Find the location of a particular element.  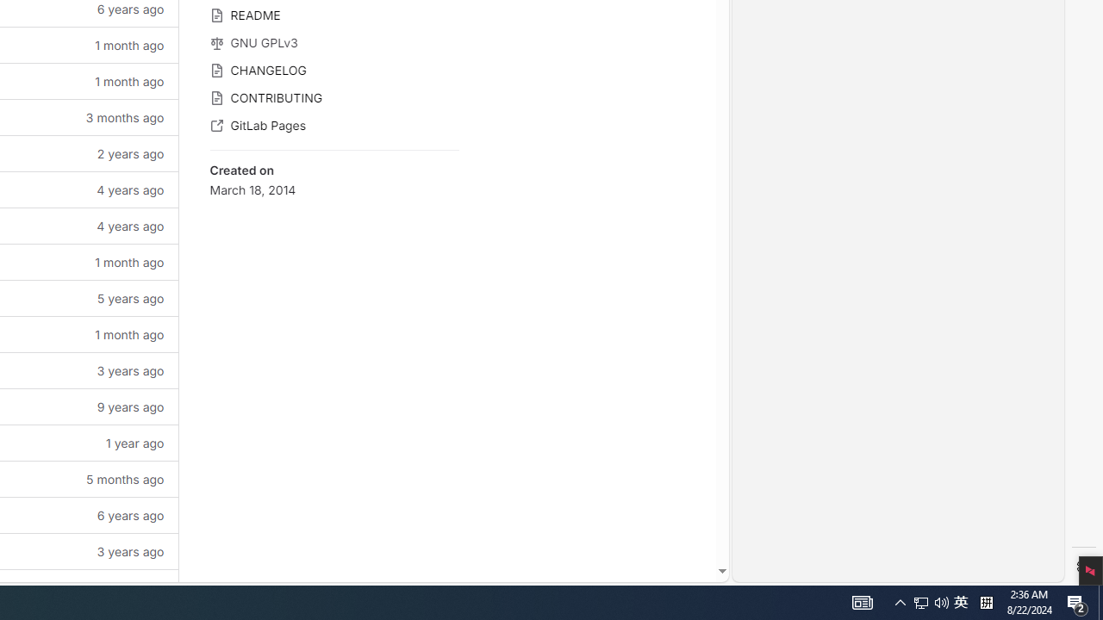

'GitLab Pages' is located at coordinates (333, 123).